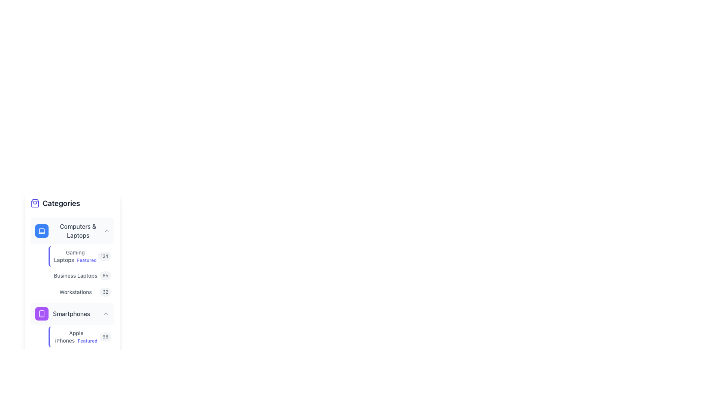  Describe the element at coordinates (41, 230) in the screenshot. I see `the 'Computers & Laptops' category icon, which is represented by a blue circular area to the left of the label in the vertical menu, to interact with the associated menu item` at that location.